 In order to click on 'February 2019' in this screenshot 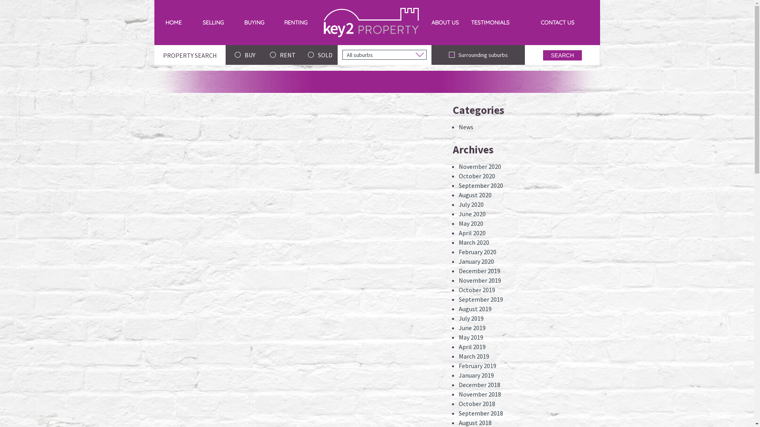, I will do `click(477, 366)`.